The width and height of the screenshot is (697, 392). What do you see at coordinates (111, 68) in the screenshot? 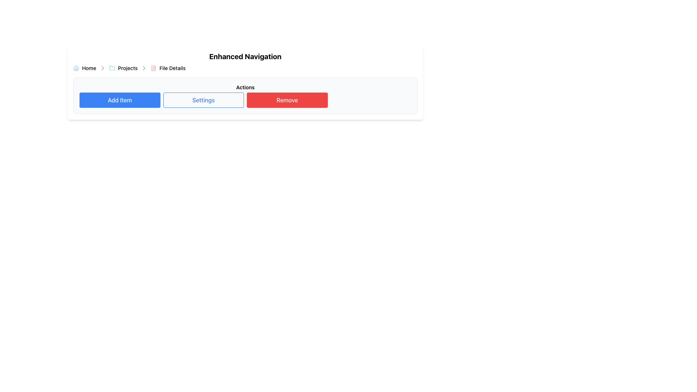
I see `the green folder icon located in the breadcrumb navigation bar, positioned to the left of the 'Projects' text` at bounding box center [111, 68].